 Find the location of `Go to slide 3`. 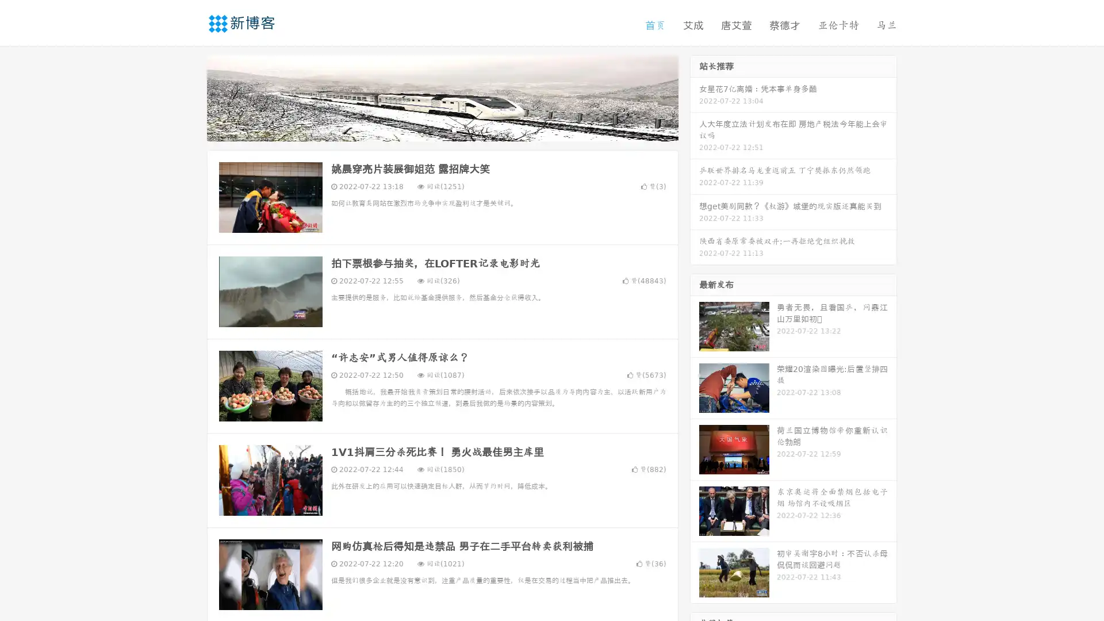

Go to slide 3 is located at coordinates (454, 129).